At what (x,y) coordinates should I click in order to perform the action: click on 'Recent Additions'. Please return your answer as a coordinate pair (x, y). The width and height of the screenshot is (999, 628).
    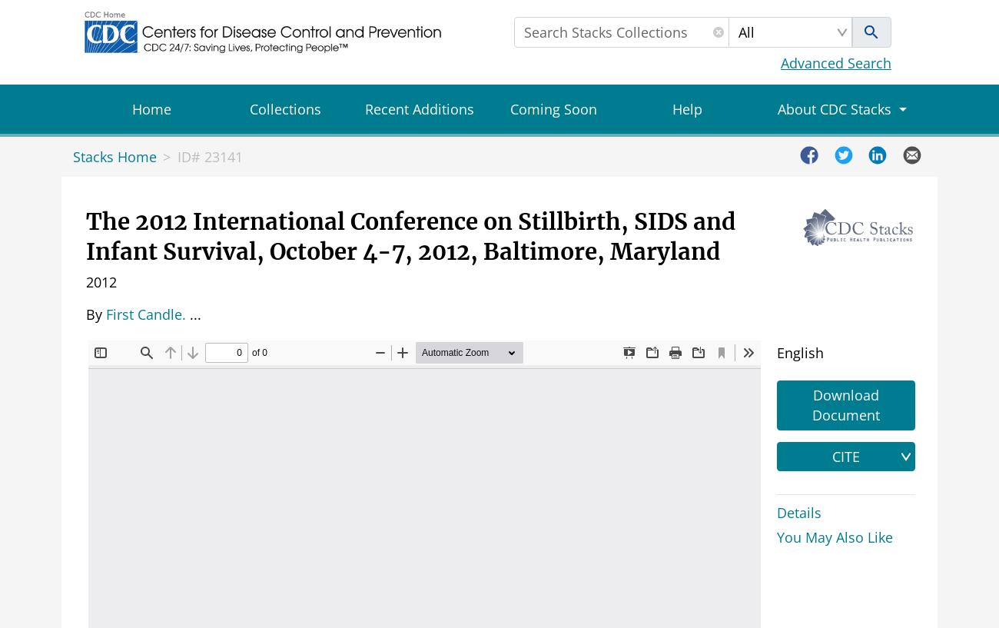
    Looking at the image, I should click on (419, 108).